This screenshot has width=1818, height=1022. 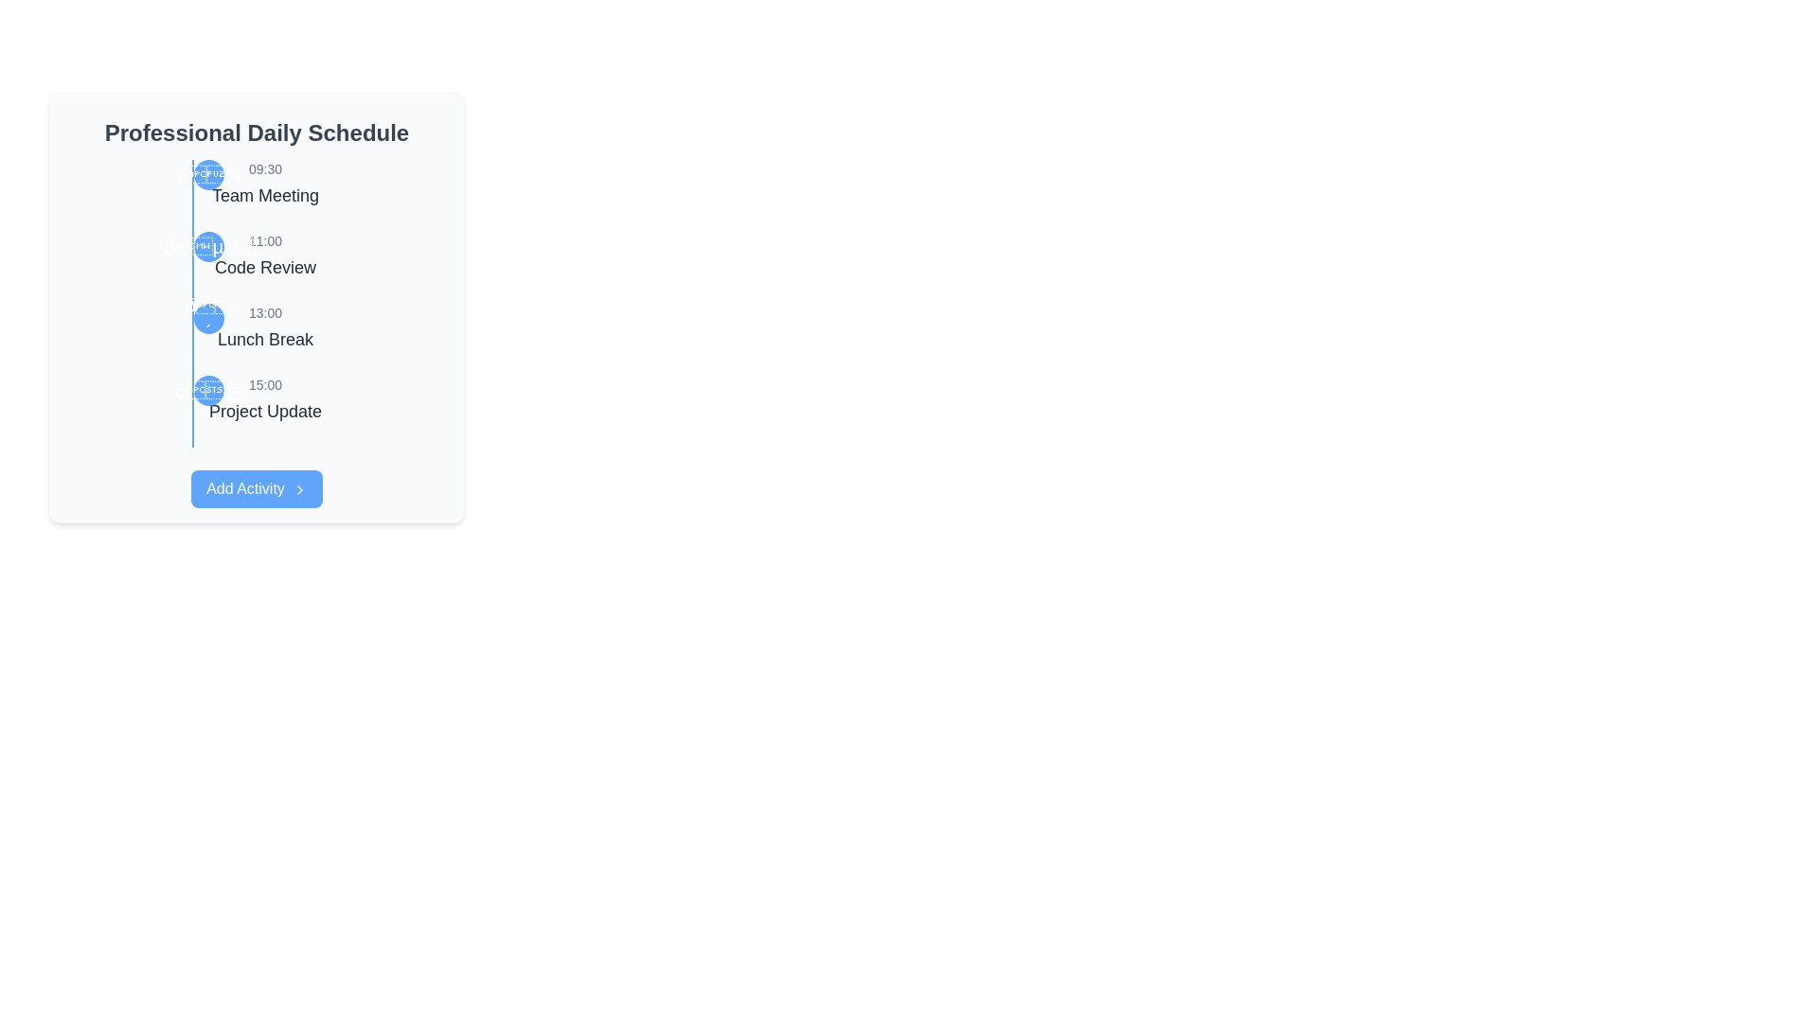 What do you see at coordinates (264, 267) in the screenshot?
I see `the 'Code Review' text label in the vertical schedule list, which is the second item beneath 'Team Meeting'` at bounding box center [264, 267].